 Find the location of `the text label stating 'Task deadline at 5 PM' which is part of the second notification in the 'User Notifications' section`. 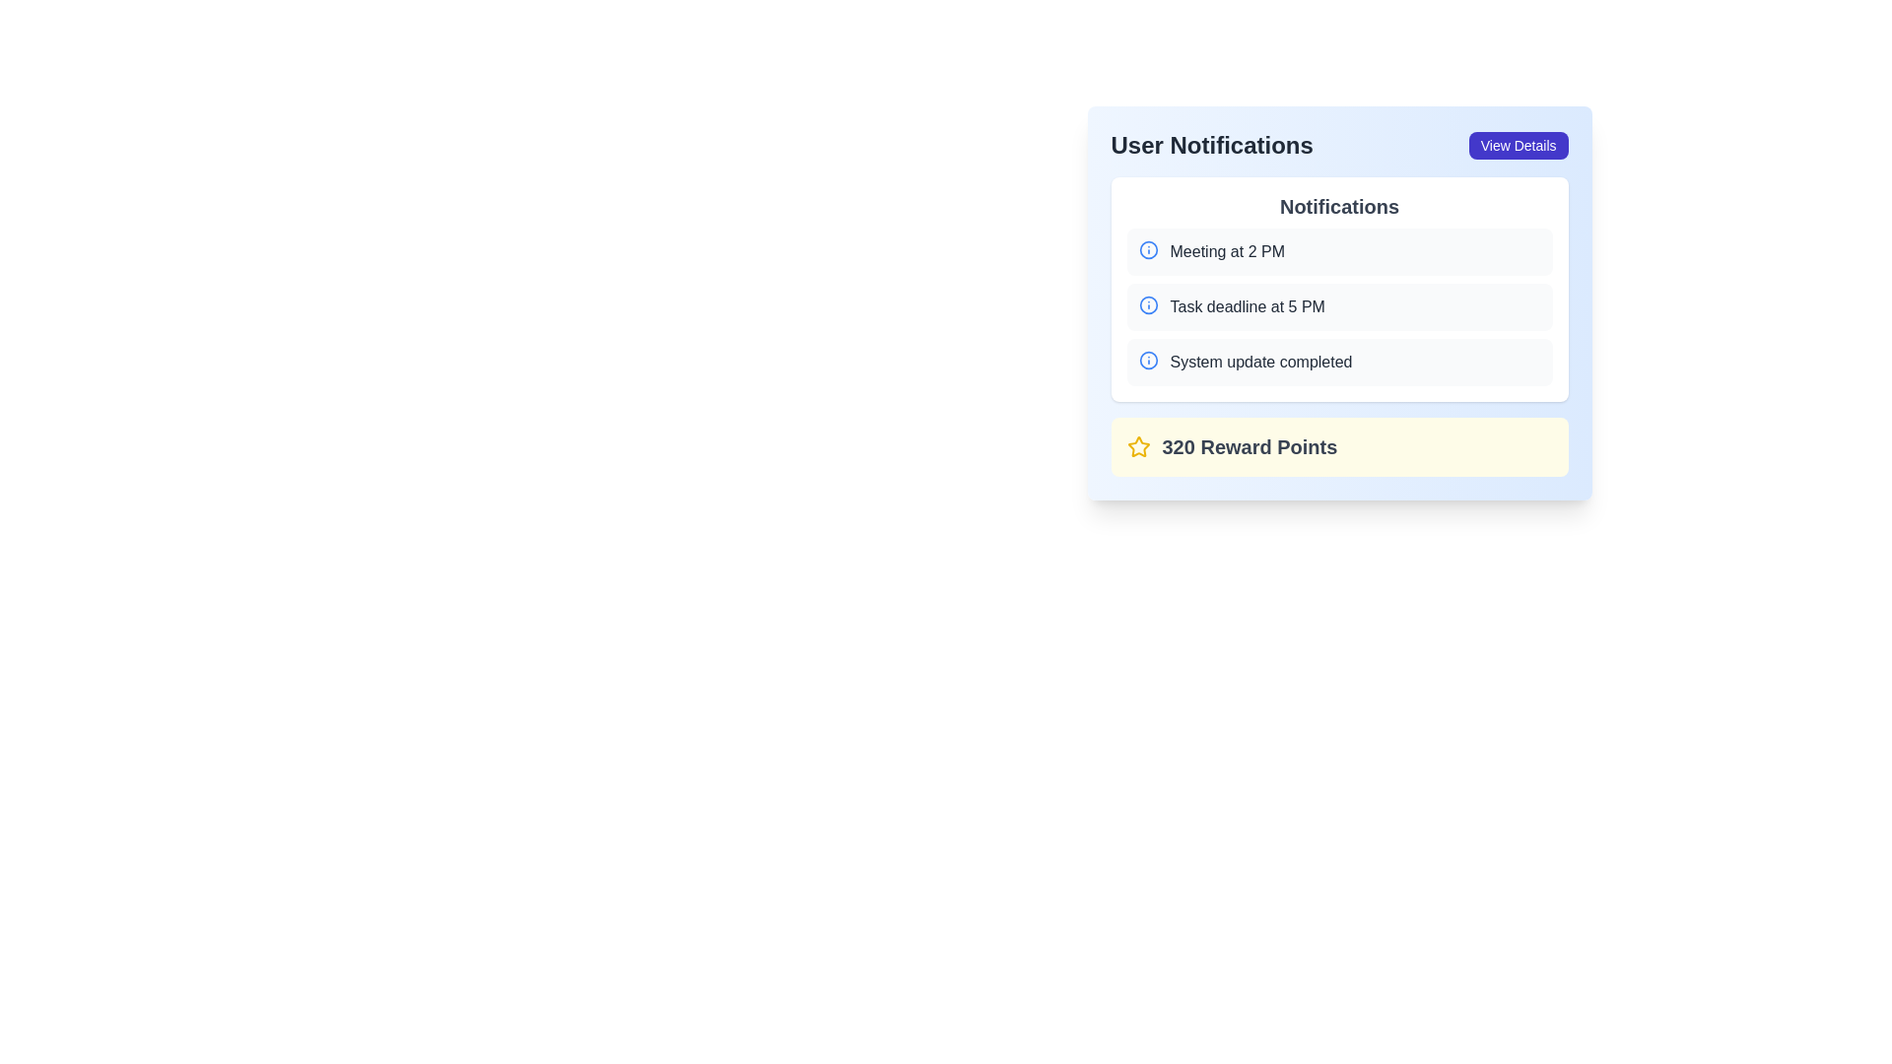

the text label stating 'Task deadline at 5 PM' which is part of the second notification in the 'User Notifications' section is located at coordinates (1247, 307).